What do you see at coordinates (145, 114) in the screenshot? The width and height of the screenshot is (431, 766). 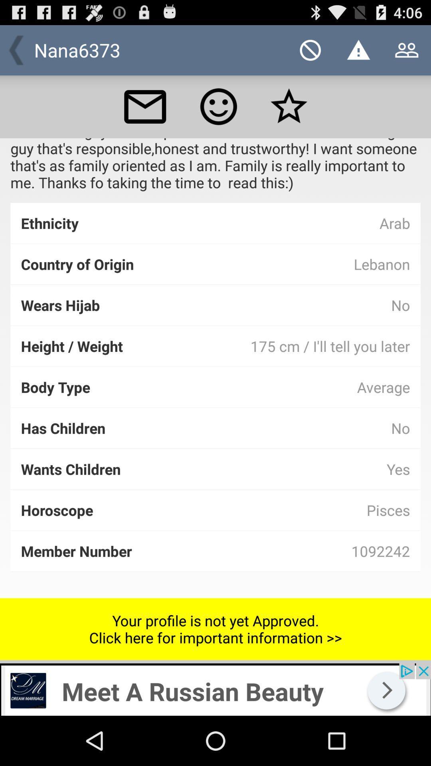 I see `the email icon` at bounding box center [145, 114].